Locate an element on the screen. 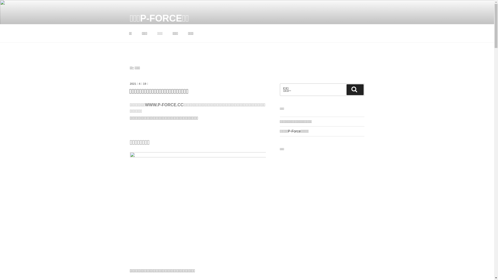 The width and height of the screenshot is (498, 280). 'WWW.P-FORCE.CC' is located at coordinates (164, 105).